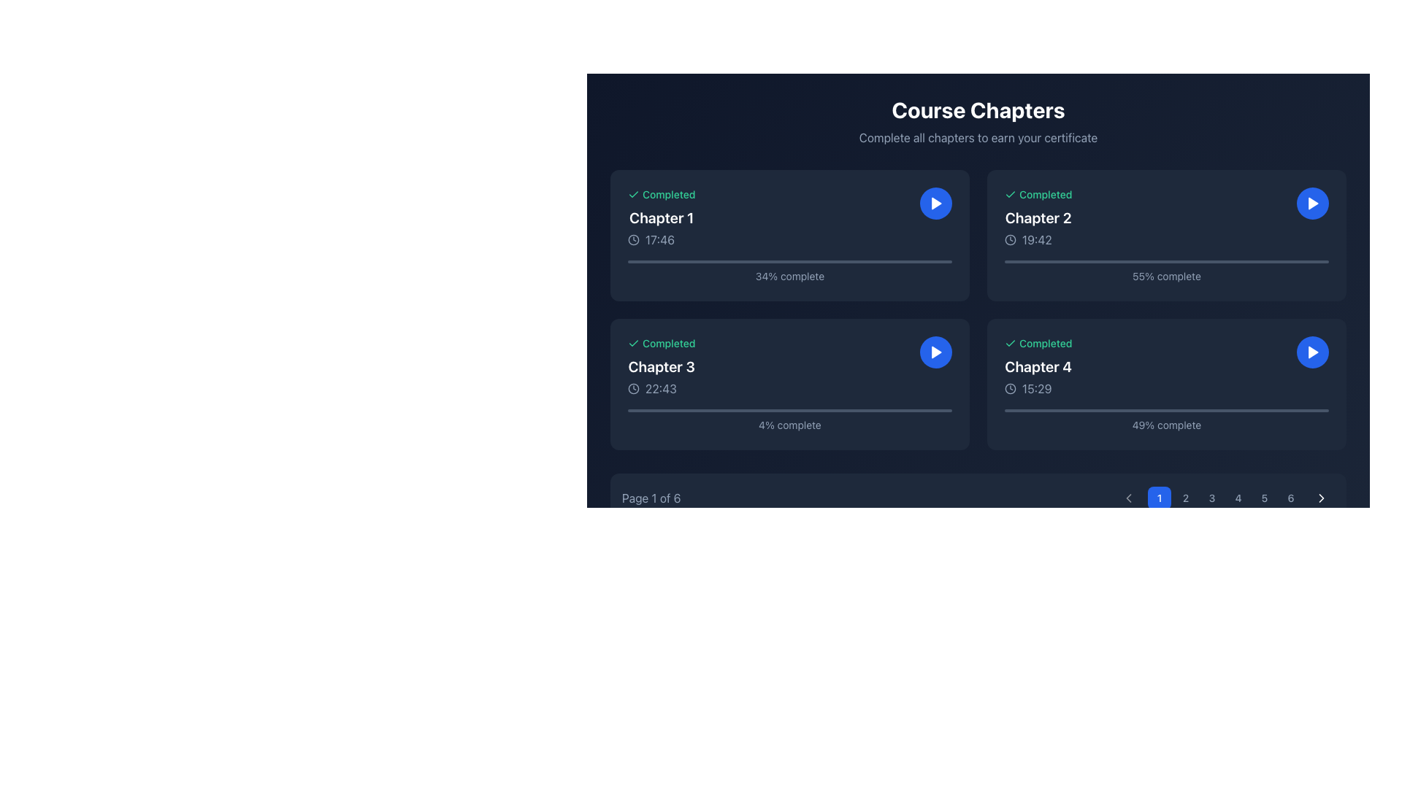  I want to click on the triangular play icon within the circular blue button on the 'Chapter 4' card, so click(1313, 352).